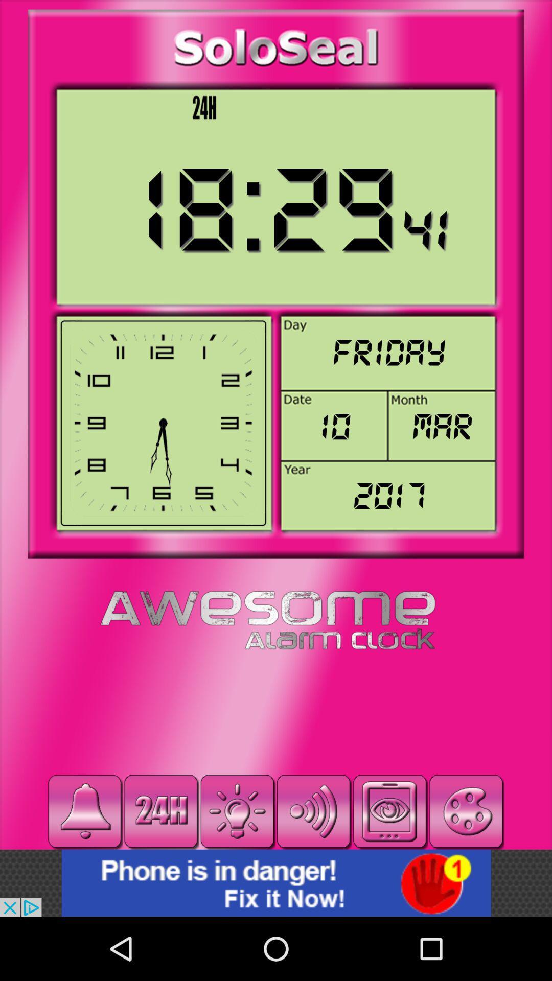  I want to click on paint, so click(466, 811).